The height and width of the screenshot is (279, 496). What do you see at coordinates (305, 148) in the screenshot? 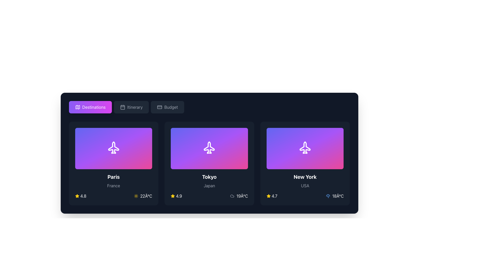
I see `the decorative airplane icon in the card displaying details for 'New York', which is the central piece of the triptych layout` at bounding box center [305, 148].